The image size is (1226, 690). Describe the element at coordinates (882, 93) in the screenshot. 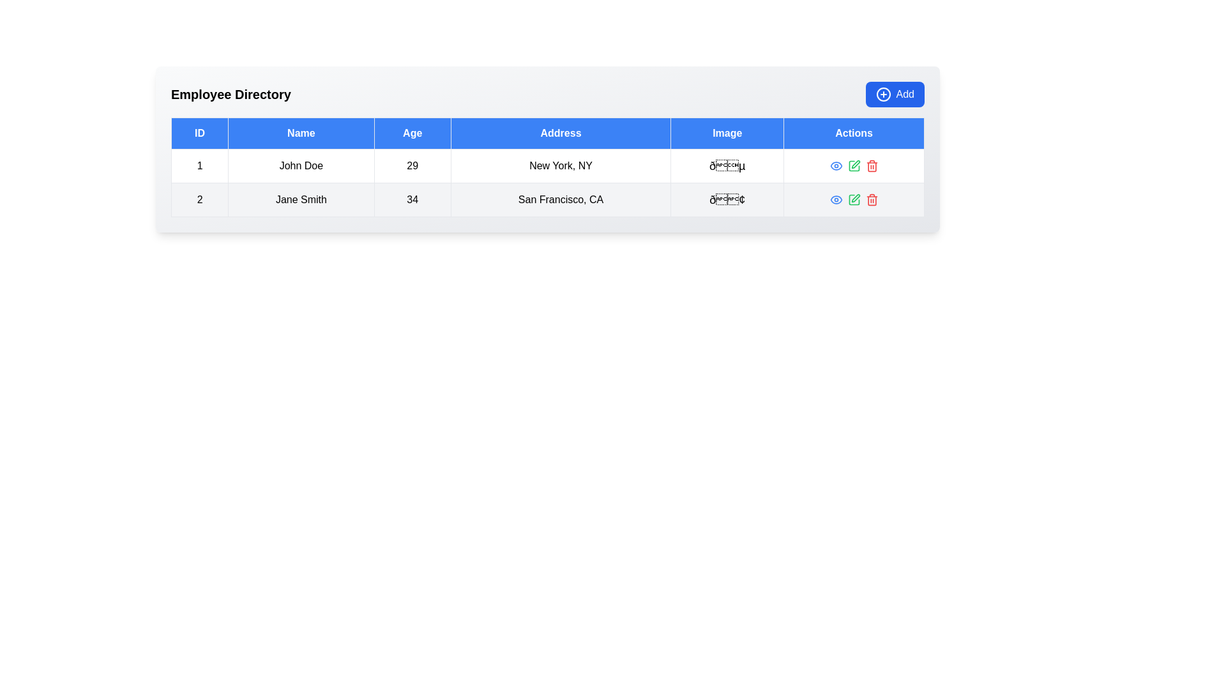

I see `the 'Add' icon located at the top-right corner of the interface, directly to the right of the 'Actions' column header` at that location.